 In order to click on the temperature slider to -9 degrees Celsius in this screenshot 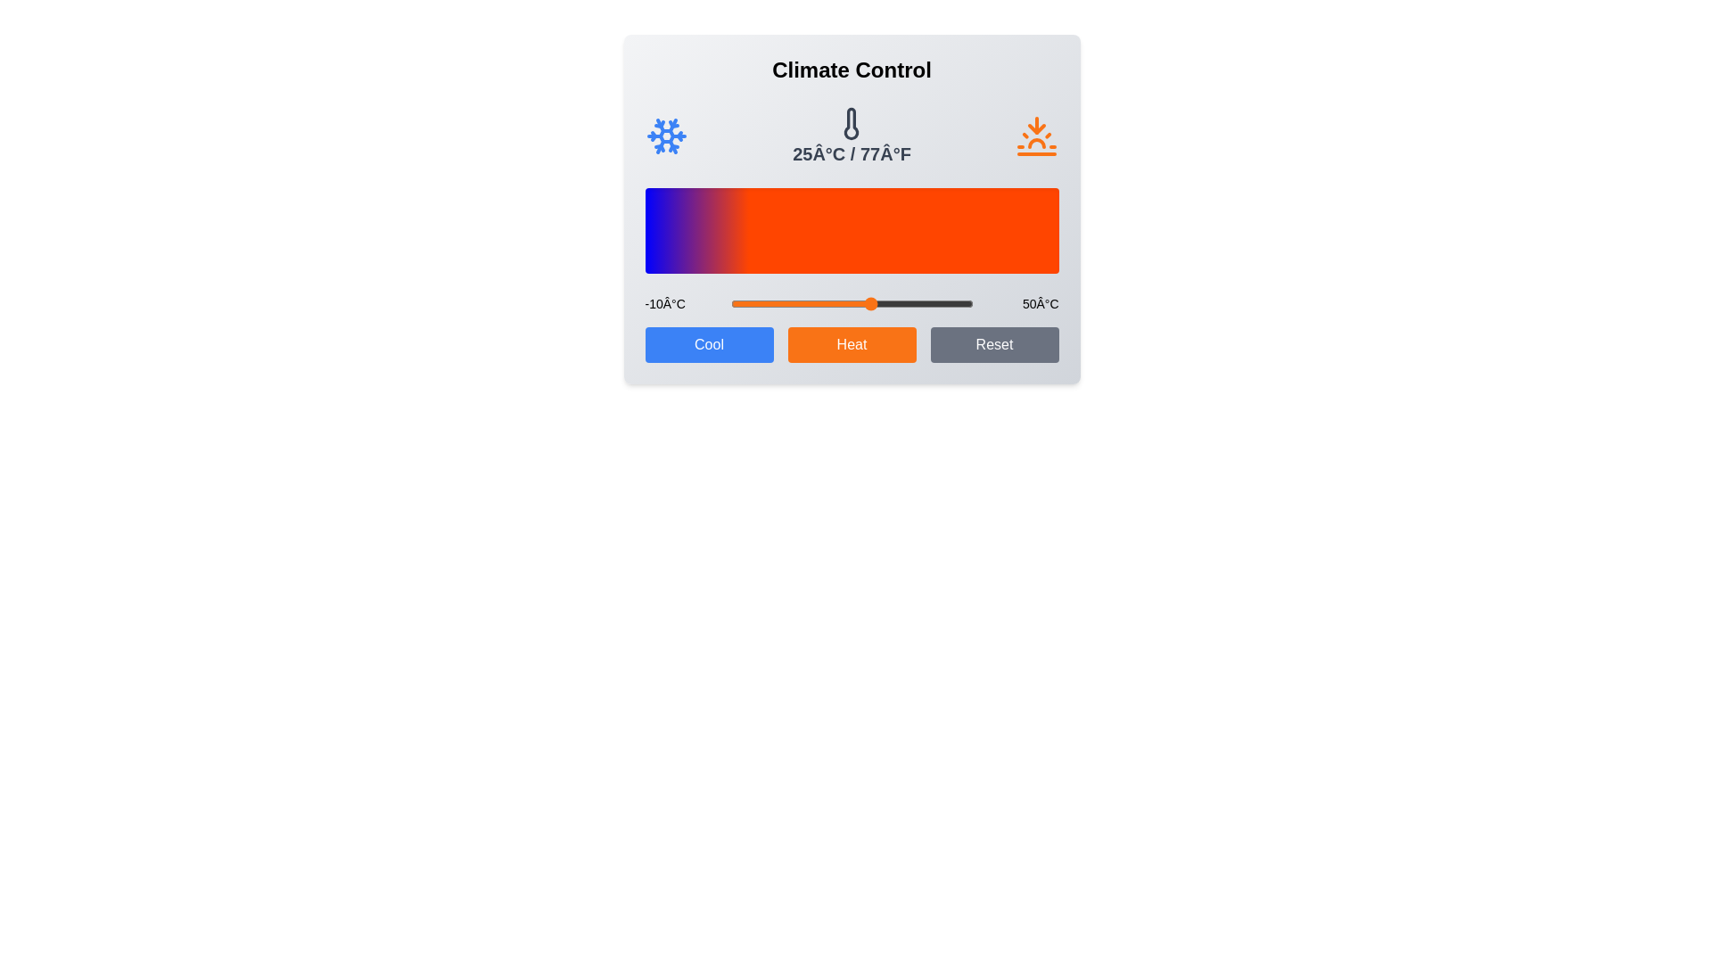, I will do `click(735, 302)`.